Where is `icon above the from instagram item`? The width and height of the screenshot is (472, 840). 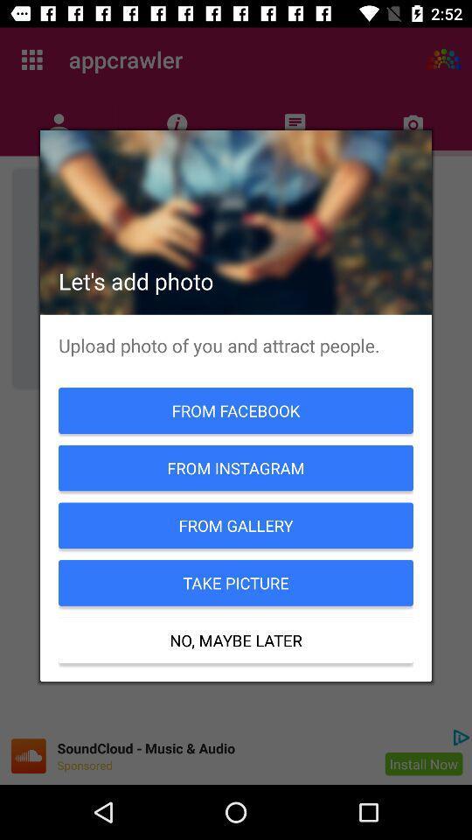 icon above the from instagram item is located at coordinates (236, 410).